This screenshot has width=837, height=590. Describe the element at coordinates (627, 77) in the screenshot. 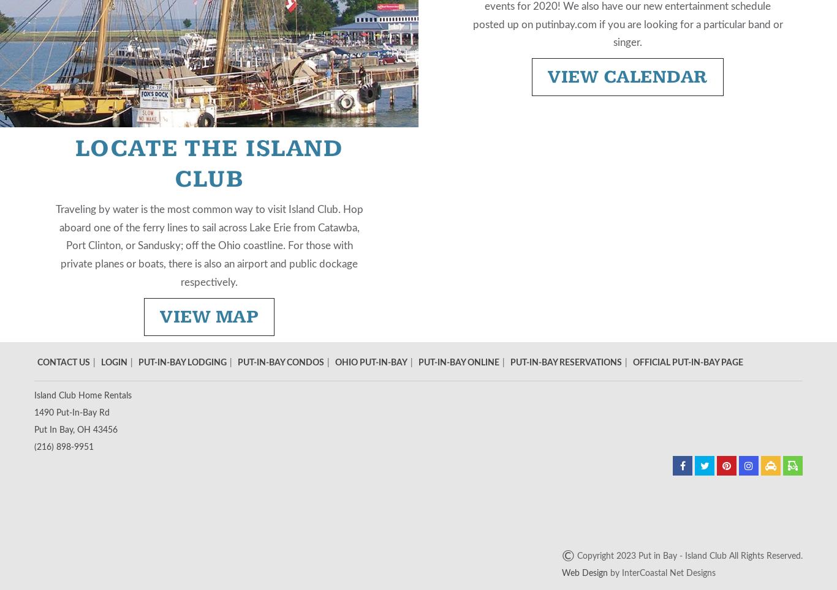

I see `'View Calendar'` at that location.